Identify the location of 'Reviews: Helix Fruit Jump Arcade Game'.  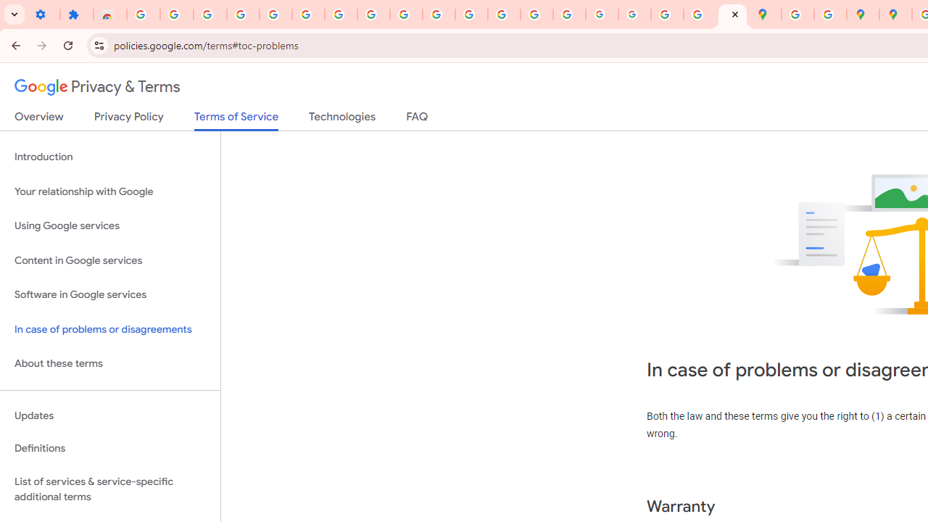
(109, 14).